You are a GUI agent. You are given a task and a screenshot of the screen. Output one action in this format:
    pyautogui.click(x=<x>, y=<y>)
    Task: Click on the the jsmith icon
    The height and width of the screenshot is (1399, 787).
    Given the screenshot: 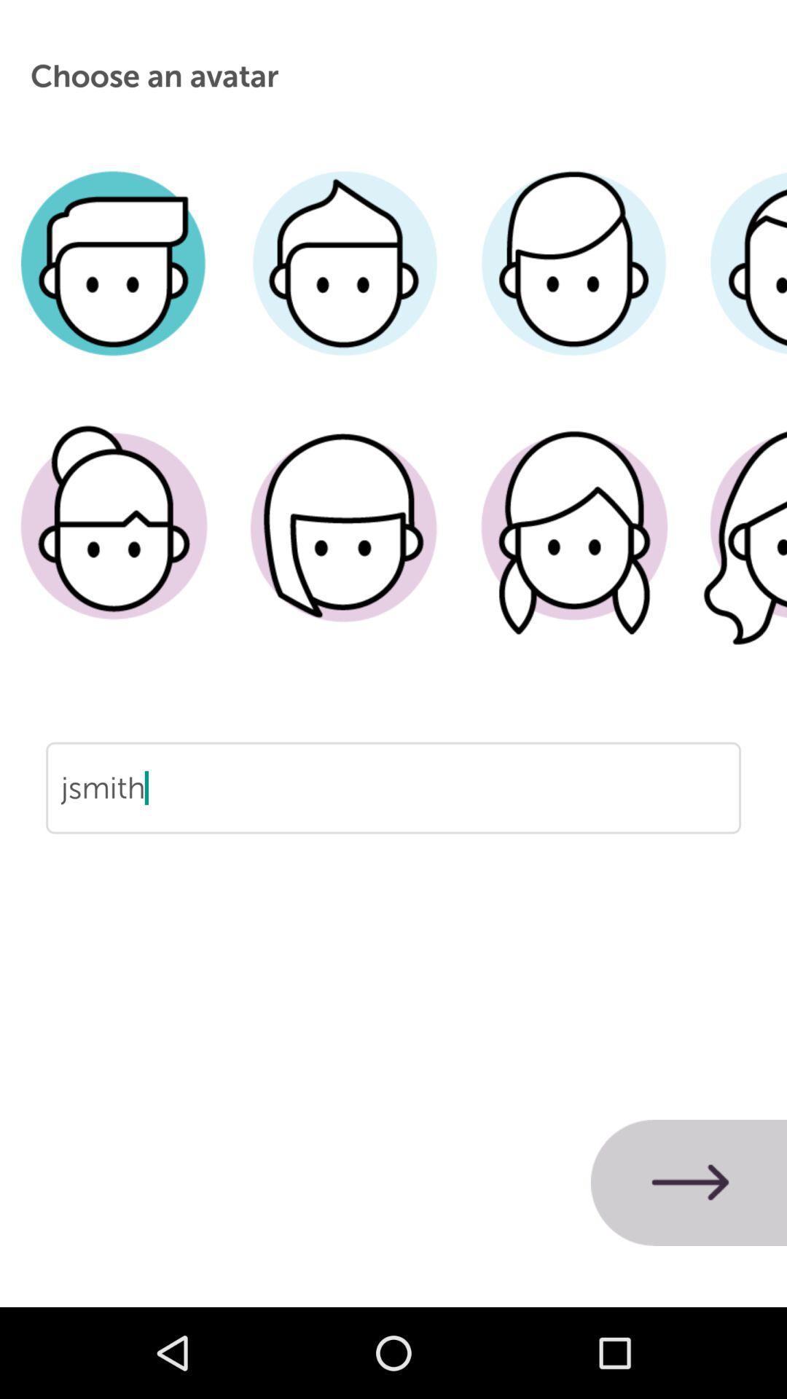 What is the action you would take?
    pyautogui.click(x=393, y=834)
    